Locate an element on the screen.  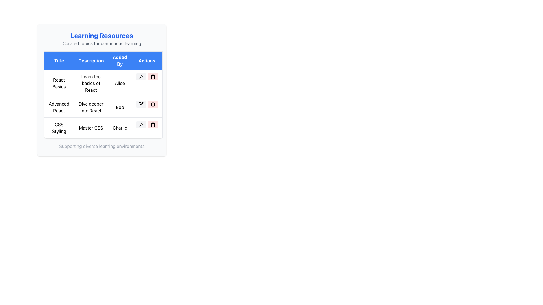
the static text label displaying 'Advanced React', which is bold and centered in the second row of the table under the 'Title' column is located at coordinates (59, 107).